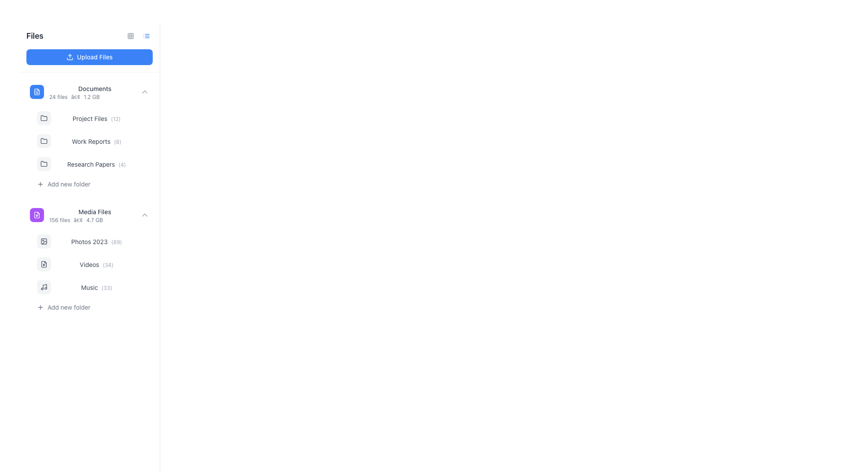 The width and height of the screenshot is (845, 475). Describe the element at coordinates (95, 91) in the screenshot. I see `the List Item element titled 'Documents' which displays the subtitle '24 files • 1.2 GB'` at that location.